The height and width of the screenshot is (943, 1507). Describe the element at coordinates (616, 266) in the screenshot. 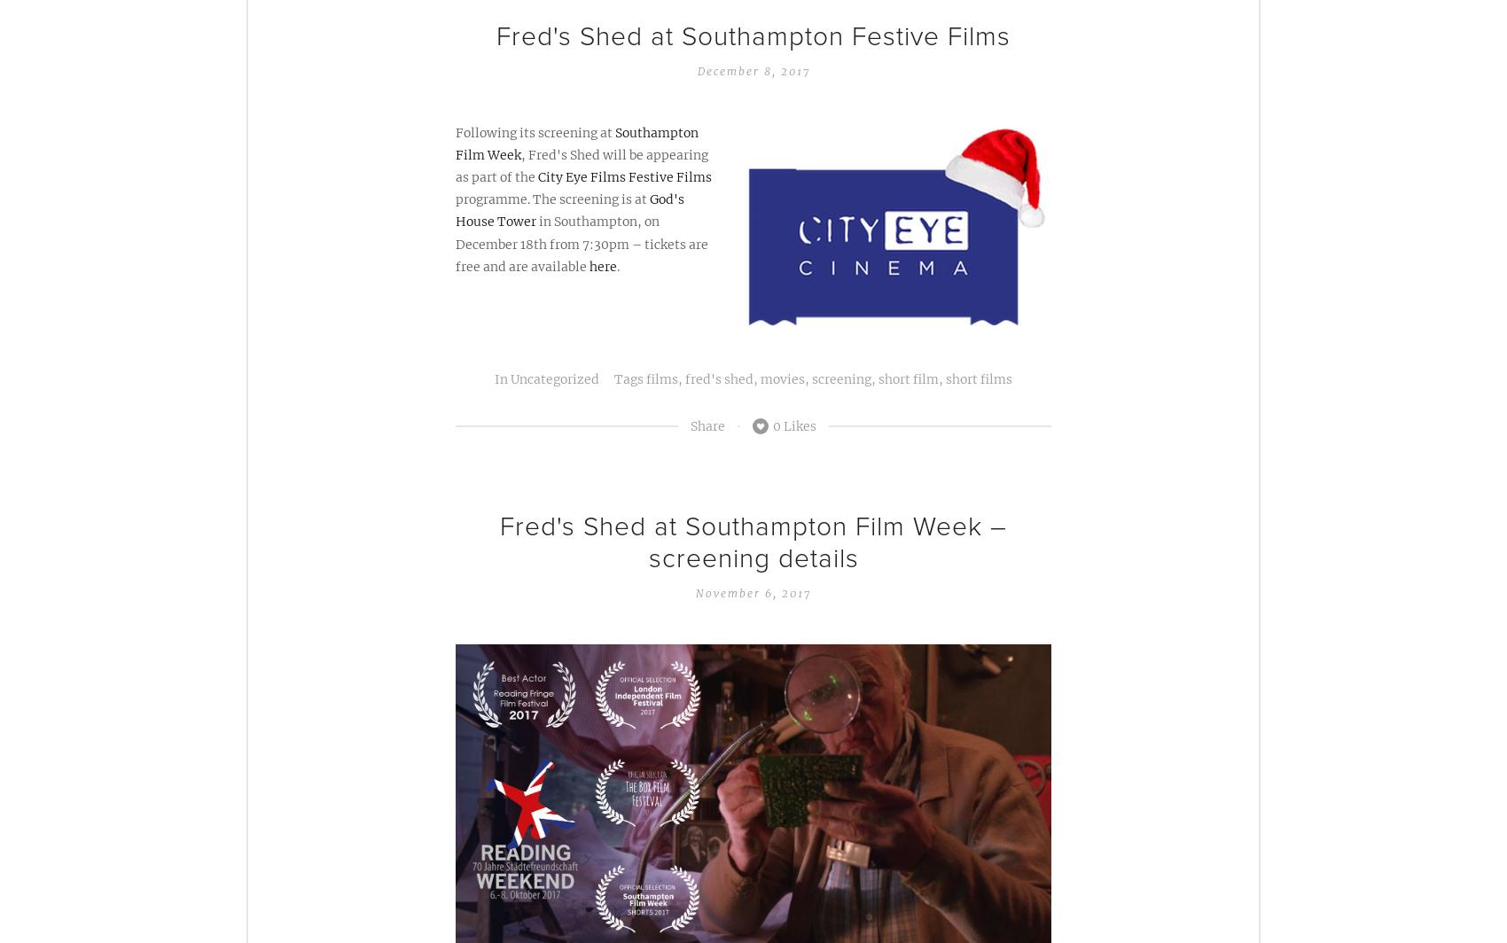

I see `'.'` at that location.